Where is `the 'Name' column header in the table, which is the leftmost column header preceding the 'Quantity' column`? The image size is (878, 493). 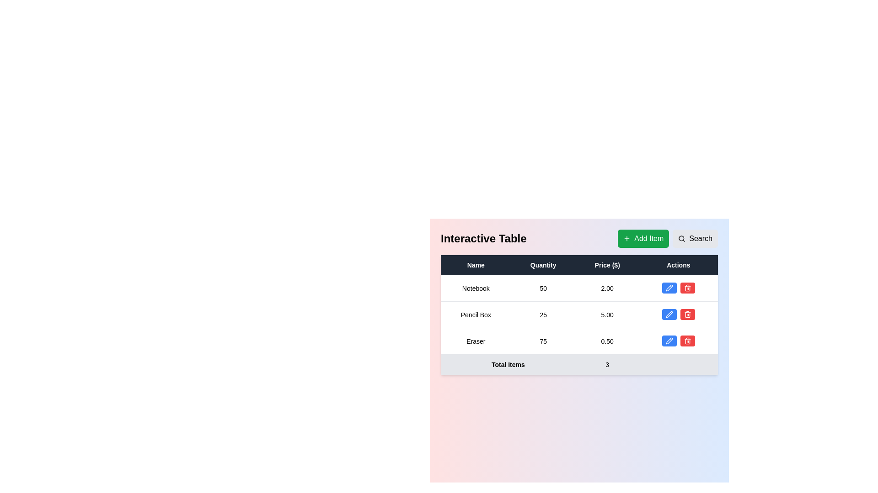 the 'Name' column header in the table, which is the leftmost column header preceding the 'Quantity' column is located at coordinates (476, 265).